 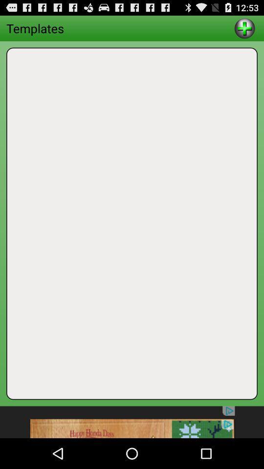 I want to click on the add icon, so click(x=244, y=30).